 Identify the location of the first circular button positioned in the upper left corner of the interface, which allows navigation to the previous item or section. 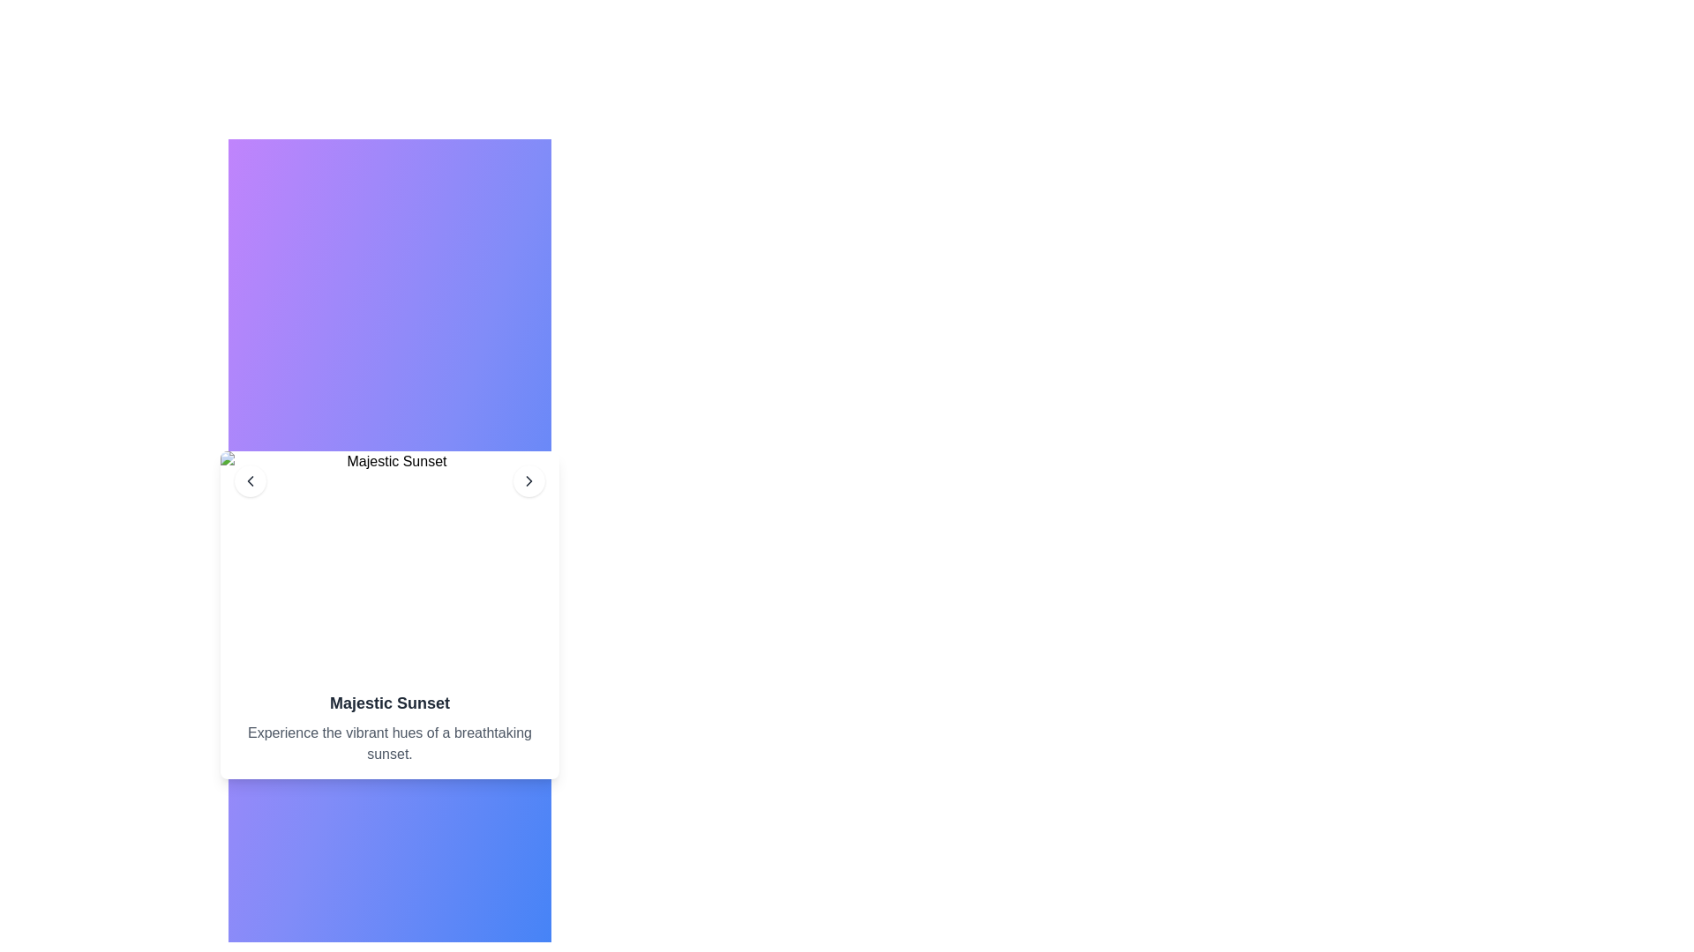
(249, 481).